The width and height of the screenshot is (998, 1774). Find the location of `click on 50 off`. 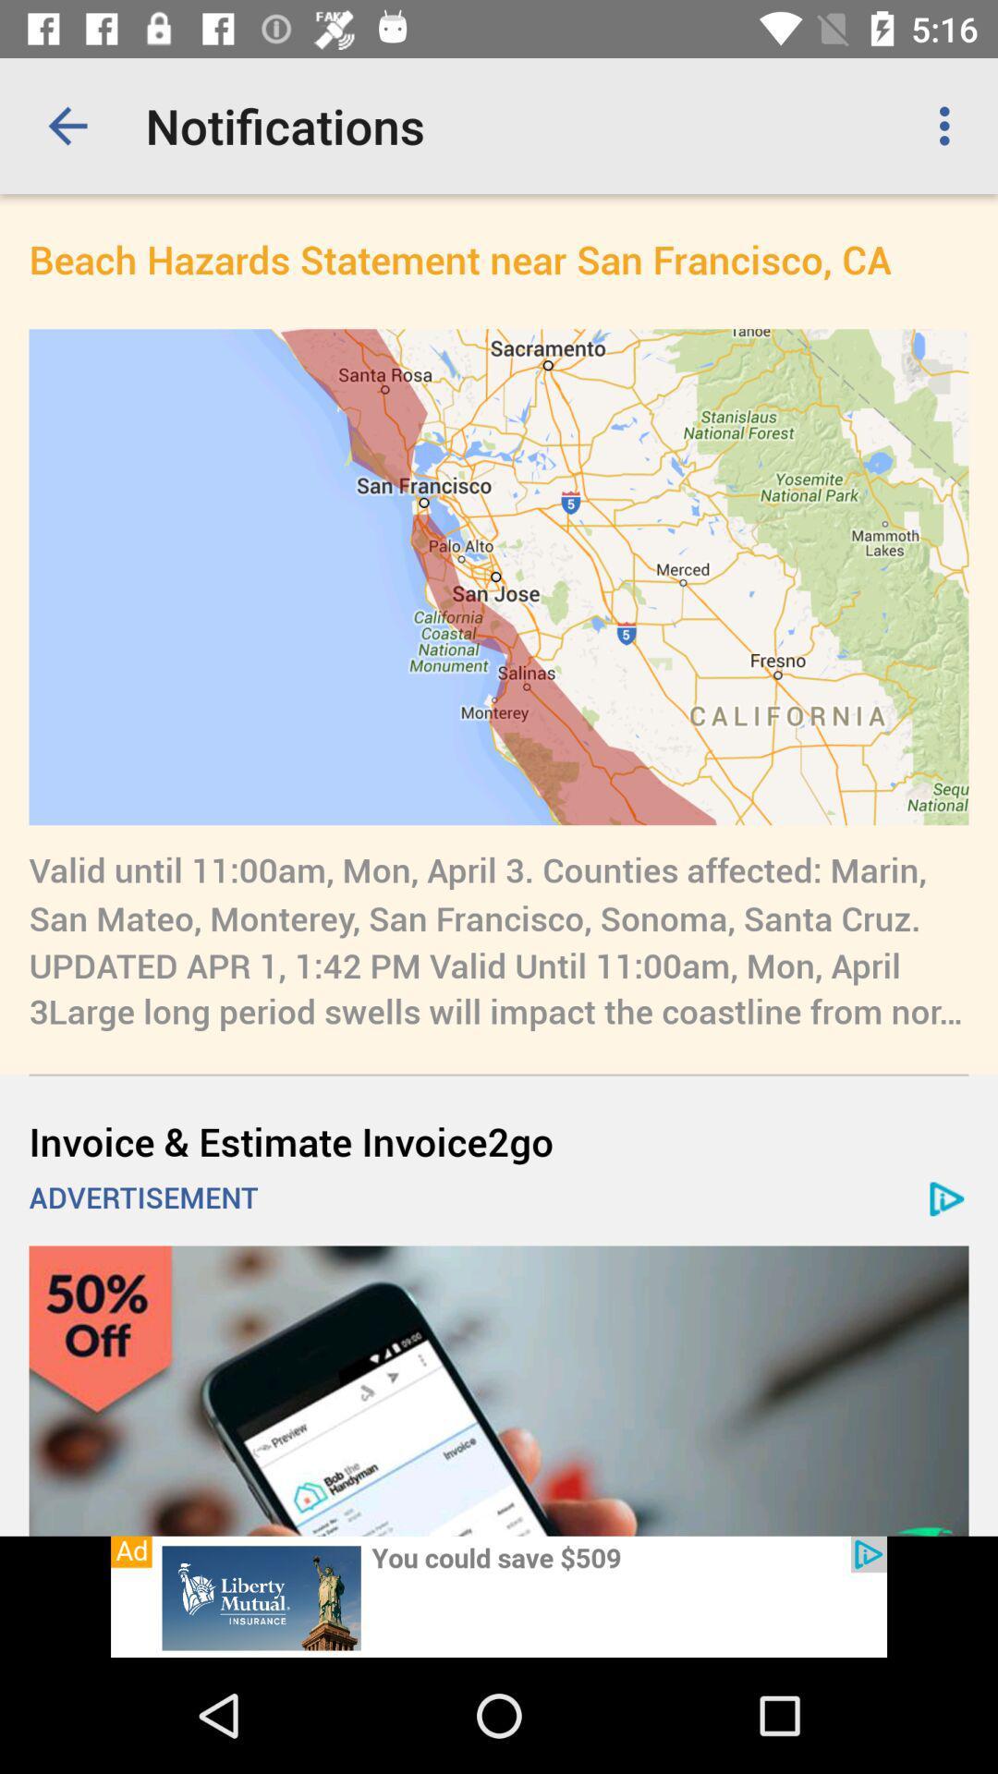

click on 50 off is located at coordinates (499, 1391).